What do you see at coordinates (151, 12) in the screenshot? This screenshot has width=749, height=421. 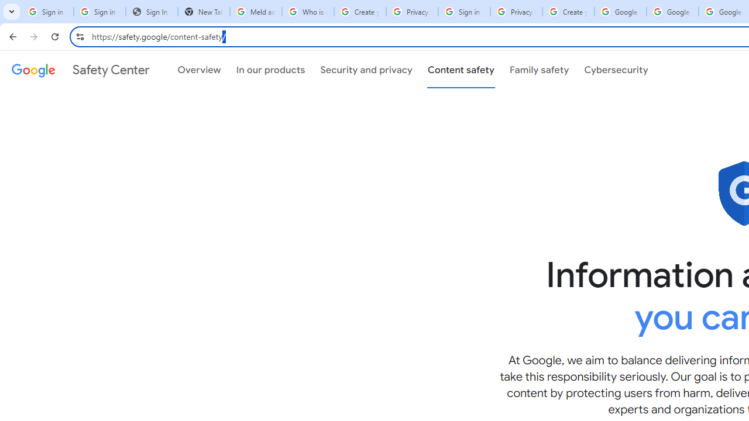 I see `'Sign In - USA TODAY'` at bounding box center [151, 12].